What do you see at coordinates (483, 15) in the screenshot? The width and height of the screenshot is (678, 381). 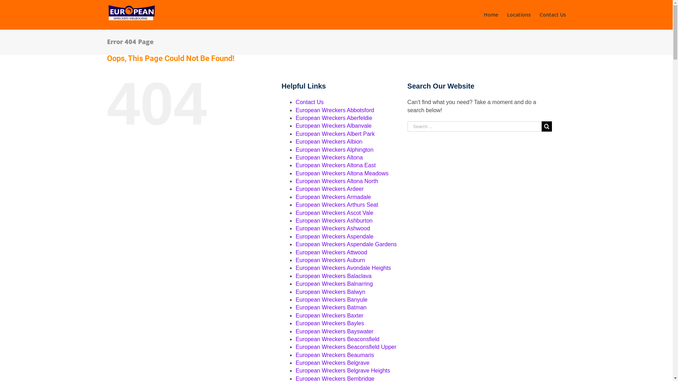 I see `'Home'` at bounding box center [483, 15].